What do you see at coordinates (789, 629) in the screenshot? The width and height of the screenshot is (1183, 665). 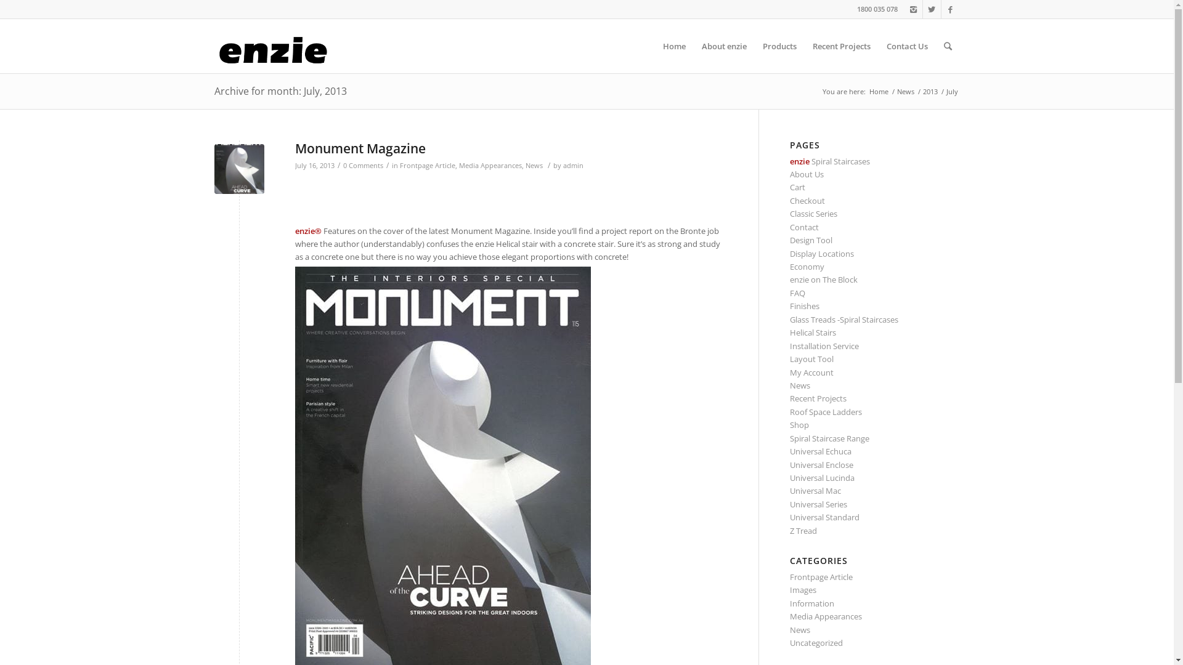 I see `'News'` at bounding box center [789, 629].